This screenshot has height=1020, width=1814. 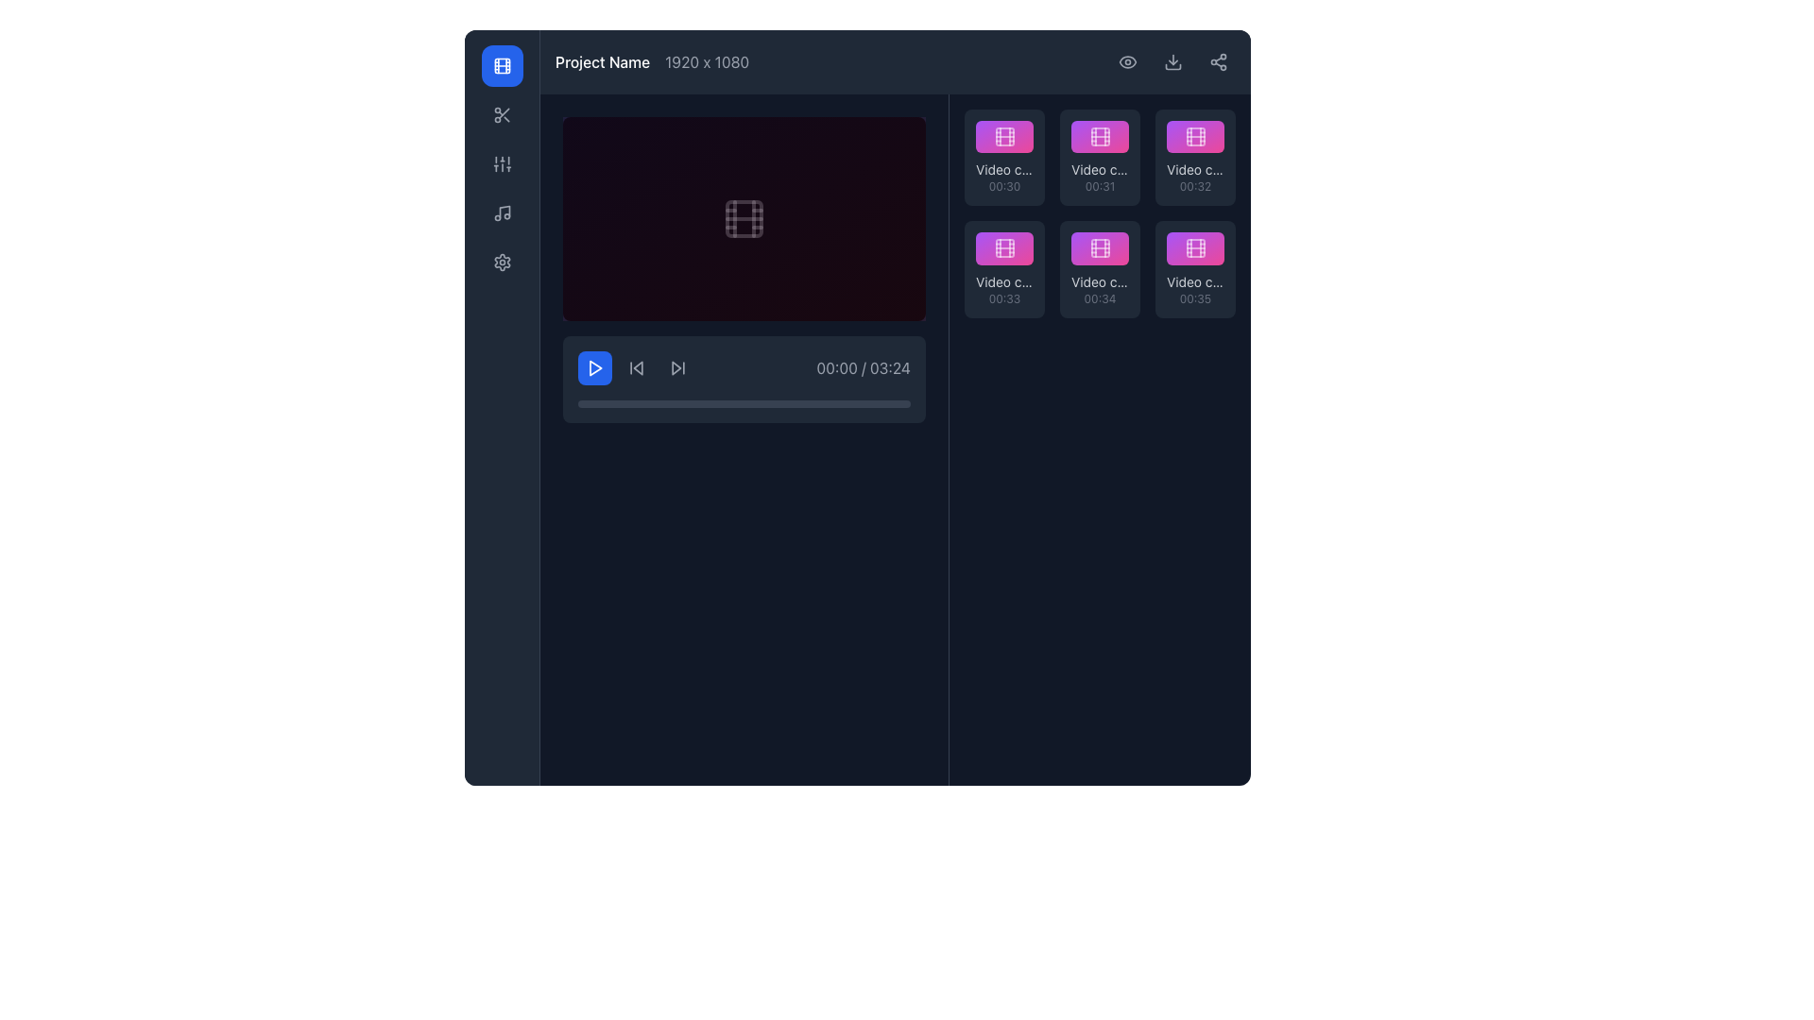 What do you see at coordinates (1100, 247) in the screenshot?
I see `the film-inspired icon, which is represented by a rectangle with frames and dividers, located centrally within a rectangular button in the list of video clip thumbnails` at bounding box center [1100, 247].